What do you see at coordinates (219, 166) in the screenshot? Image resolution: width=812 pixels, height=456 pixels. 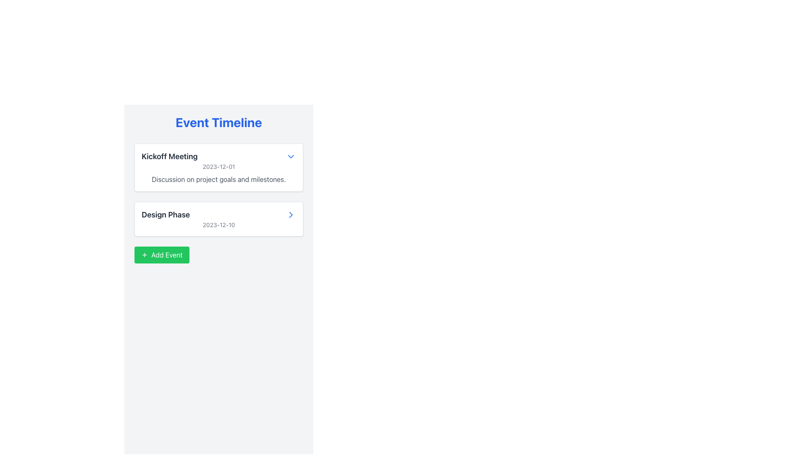 I see `the static text label that displays the scheduled date for the 'Kickoff Meeting', located below the event title and above the event description` at bounding box center [219, 166].